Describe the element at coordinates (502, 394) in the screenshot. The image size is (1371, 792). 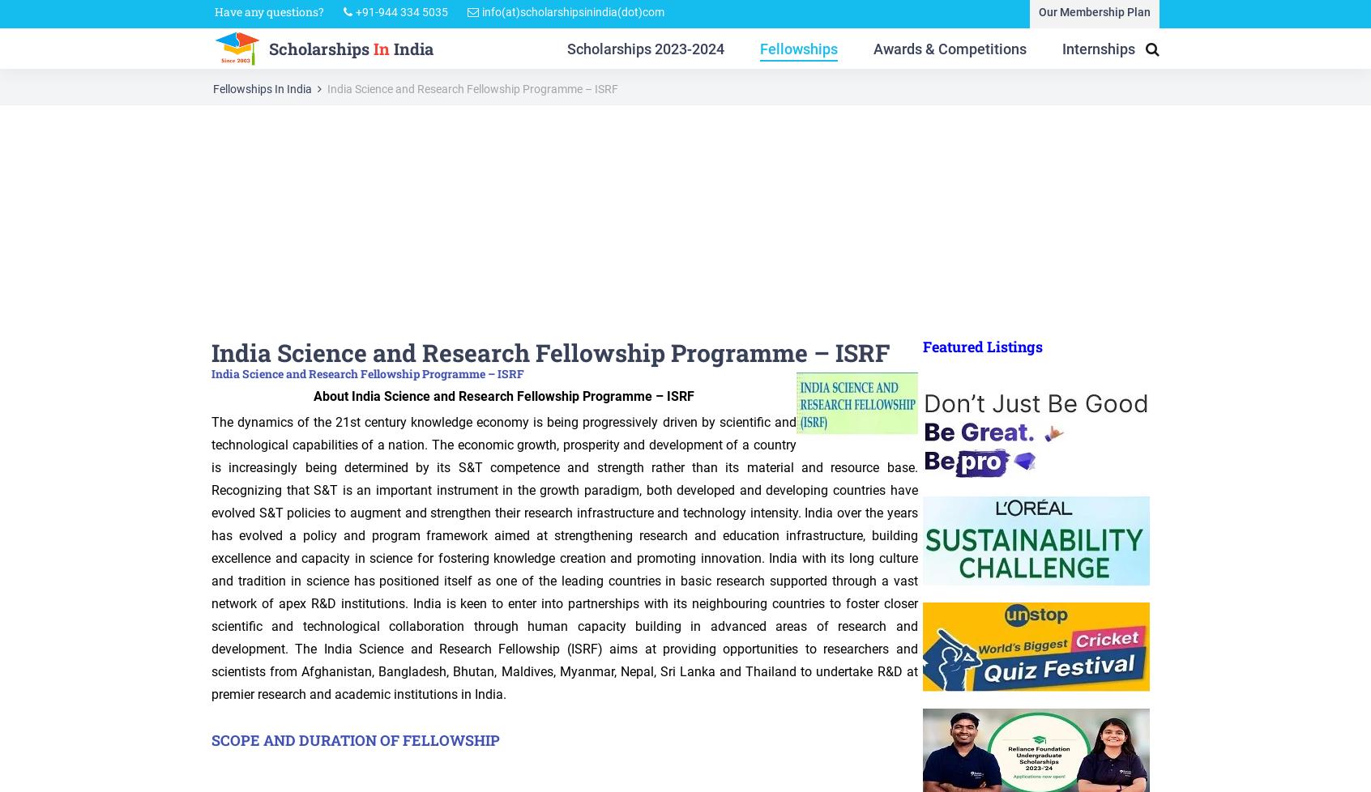
I see `'About India Science and Research Fellowship Programme – ISRF'` at that location.